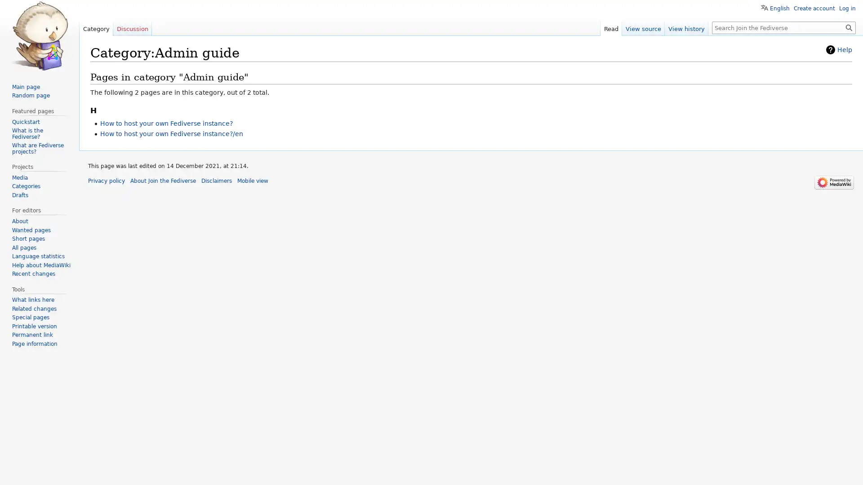  Describe the element at coordinates (849, 27) in the screenshot. I see `Go` at that location.